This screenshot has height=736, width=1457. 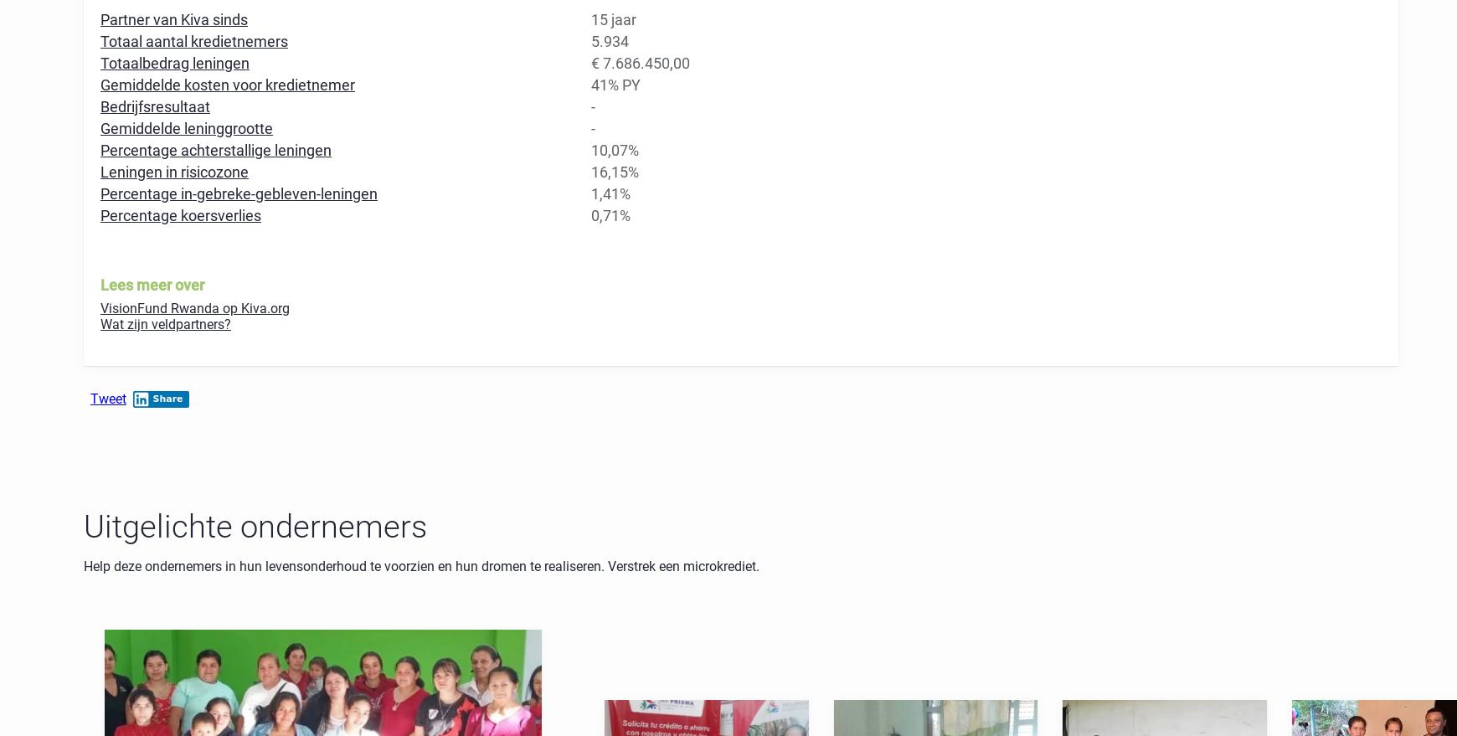 What do you see at coordinates (255, 525) in the screenshot?
I see `'Uitgelichte ondernemers'` at bounding box center [255, 525].